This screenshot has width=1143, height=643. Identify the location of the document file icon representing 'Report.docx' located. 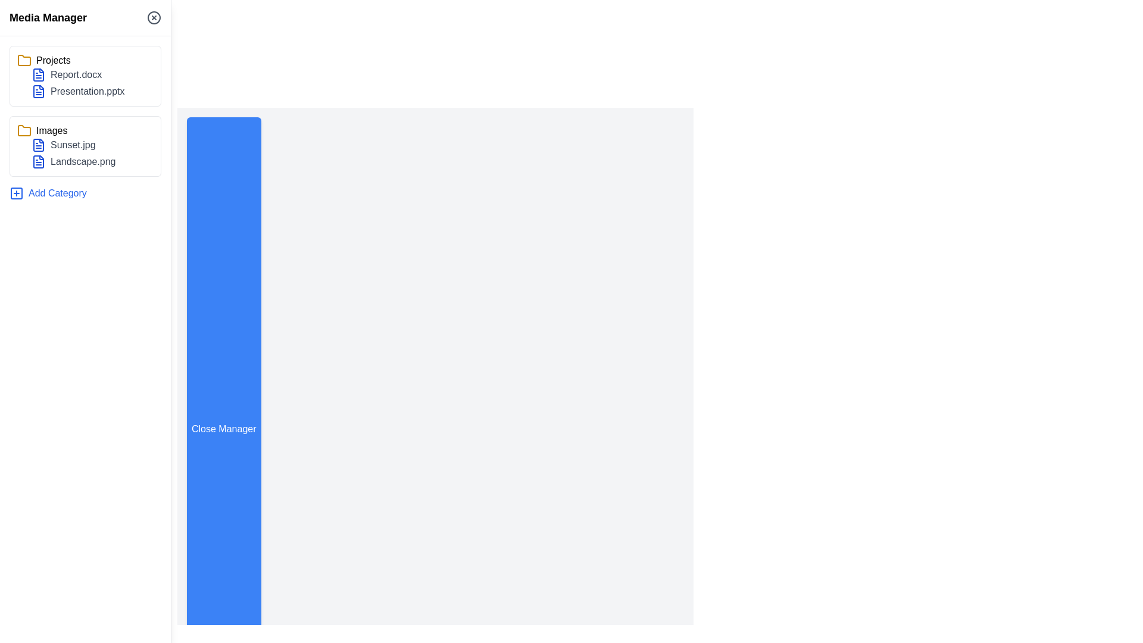
(39, 75).